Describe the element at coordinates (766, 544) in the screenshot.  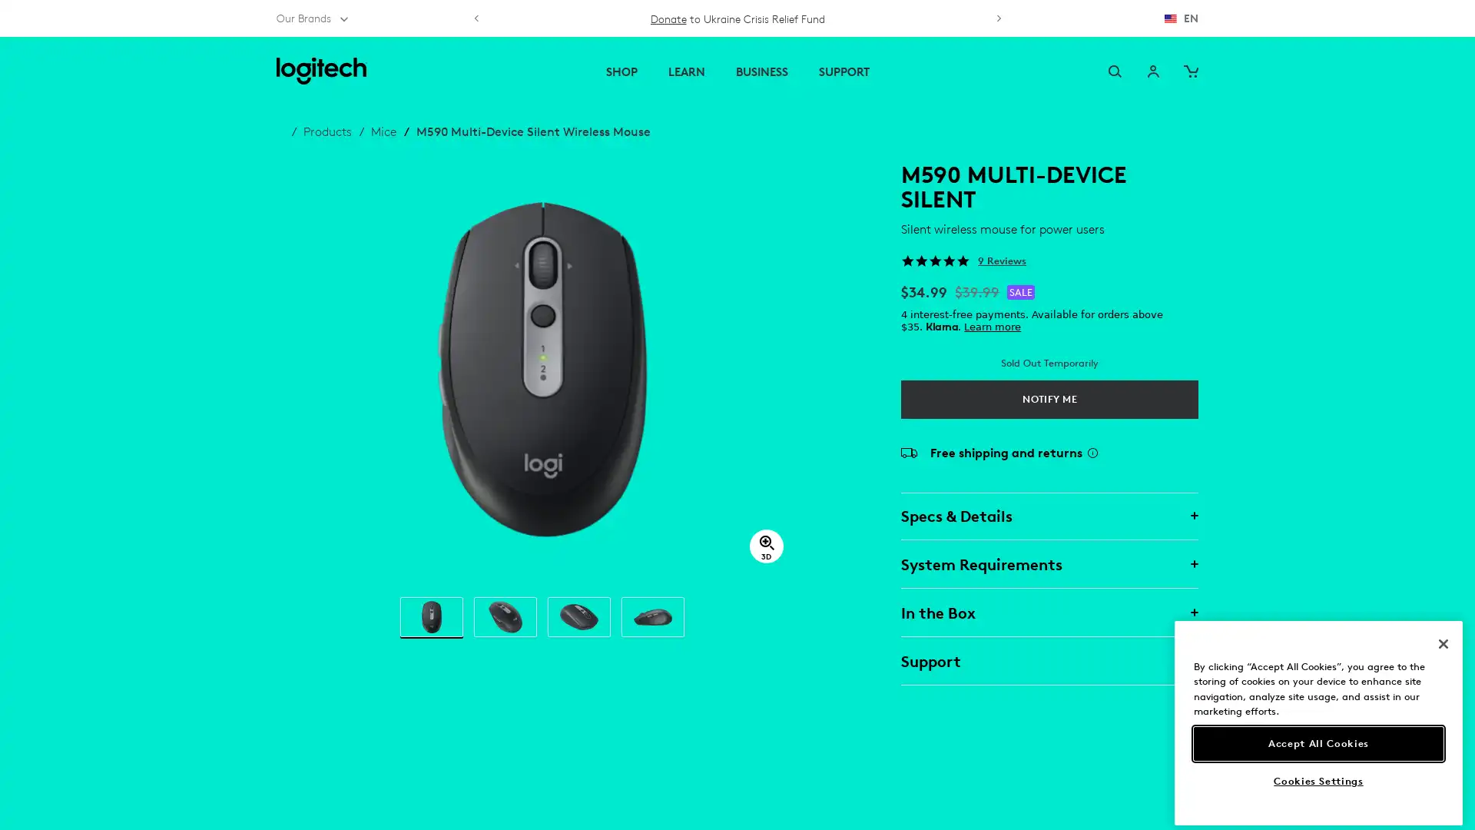
I see `3D` at that location.